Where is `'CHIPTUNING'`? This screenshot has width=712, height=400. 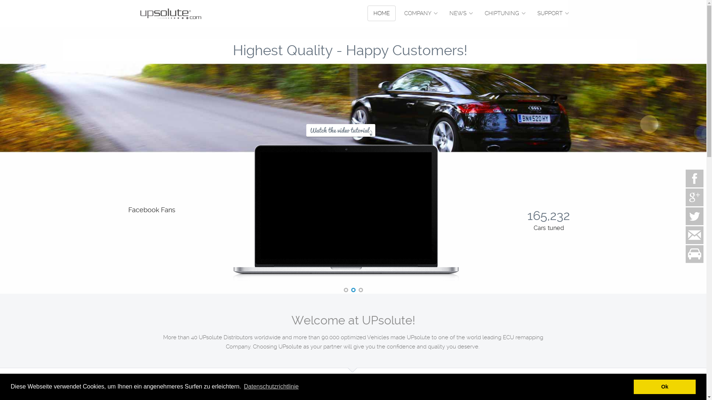 'CHIPTUNING' is located at coordinates (503, 13).